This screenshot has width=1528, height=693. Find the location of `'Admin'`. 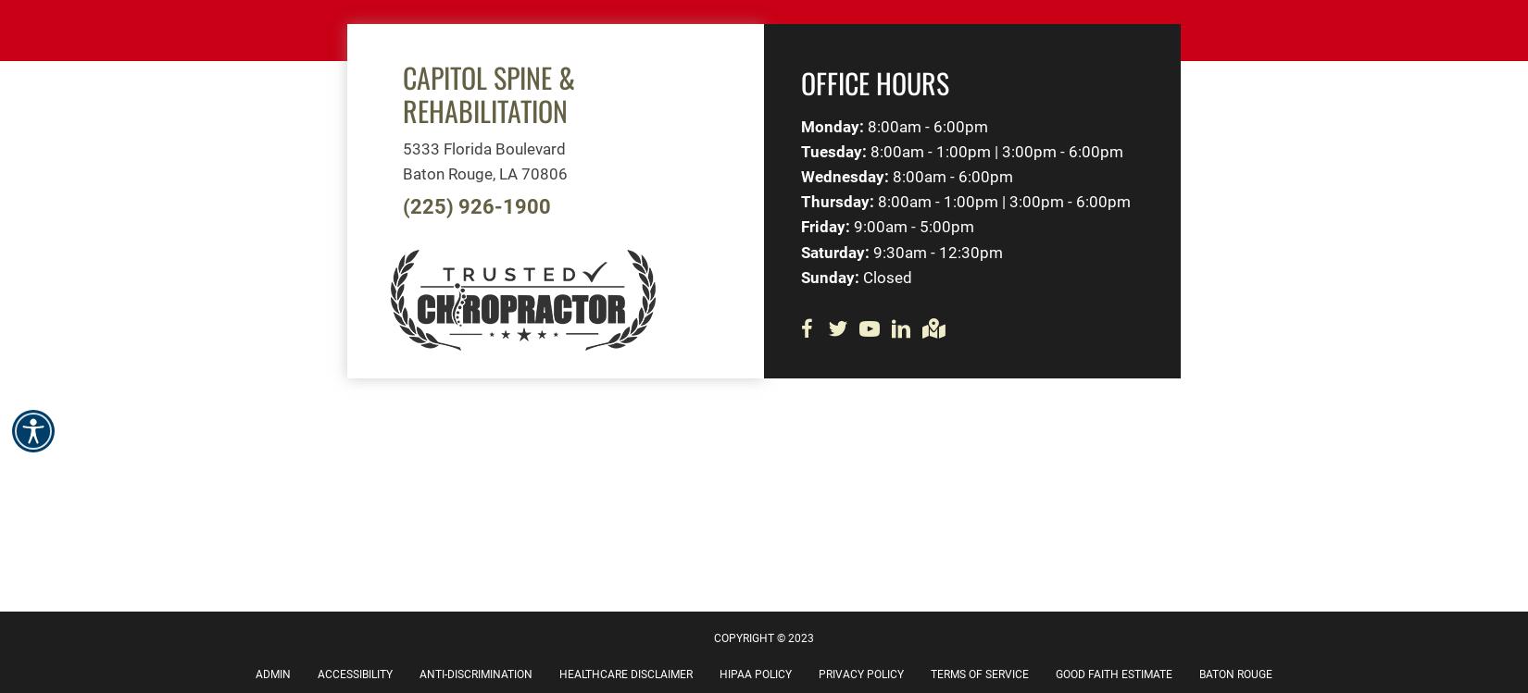

'Admin' is located at coordinates (256, 674).